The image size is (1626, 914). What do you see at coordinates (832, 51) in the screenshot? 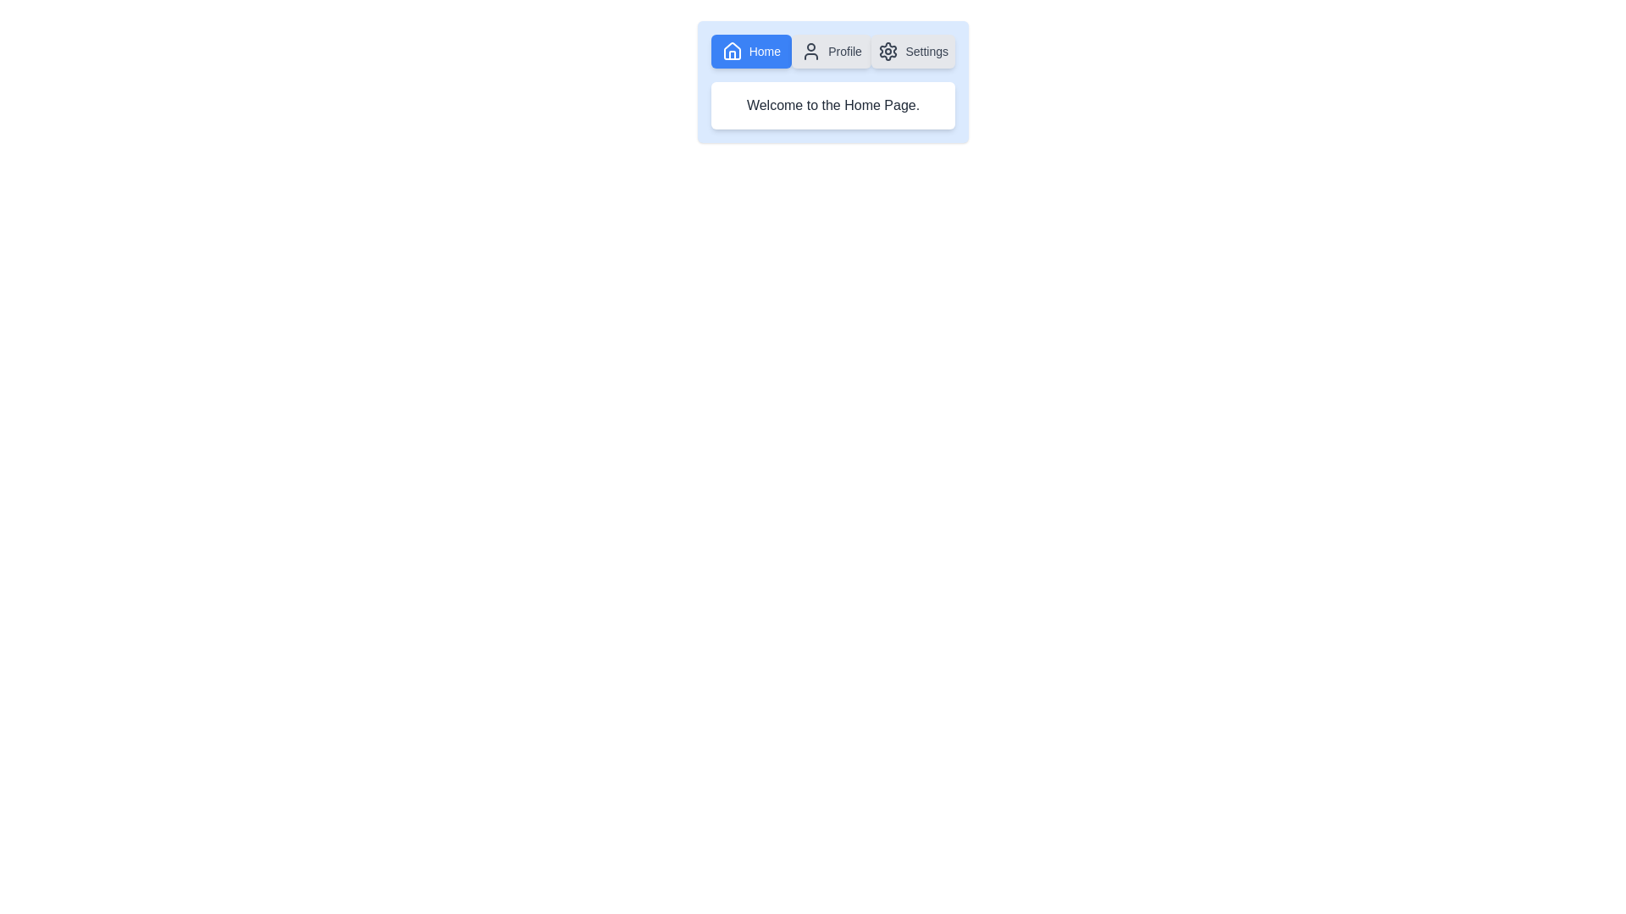
I see `the 'Profile' navigation button, which is the second button in a row of three located in the upper section of the interface` at bounding box center [832, 51].